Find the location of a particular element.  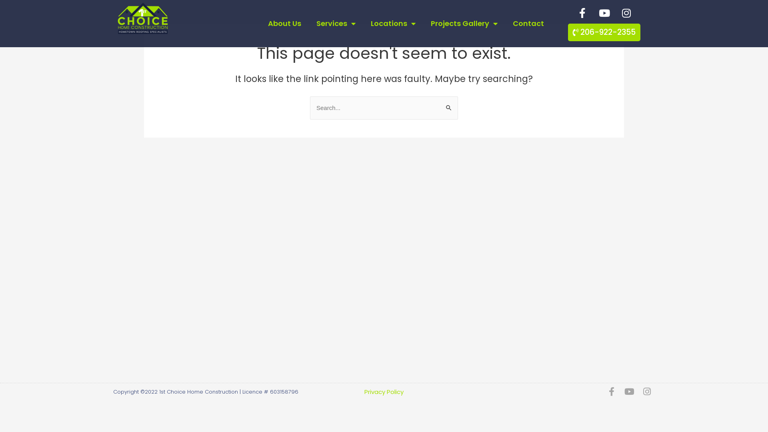

'Projects Gallery' is located at coordinates (464, 23).